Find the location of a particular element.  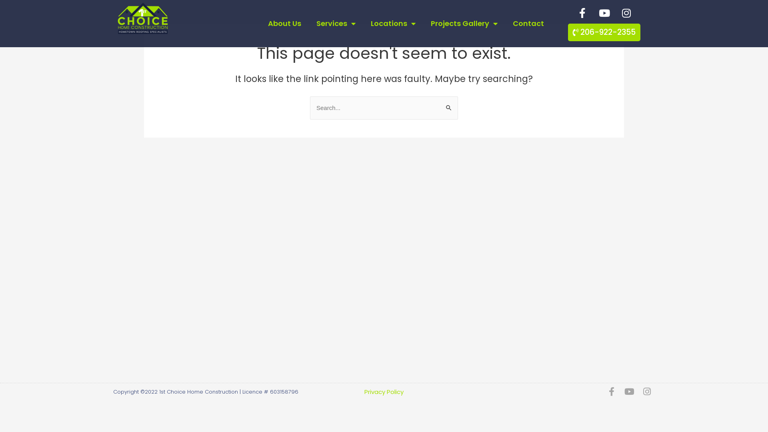

'Projects Gallery' is located at coordinates (464, 23).